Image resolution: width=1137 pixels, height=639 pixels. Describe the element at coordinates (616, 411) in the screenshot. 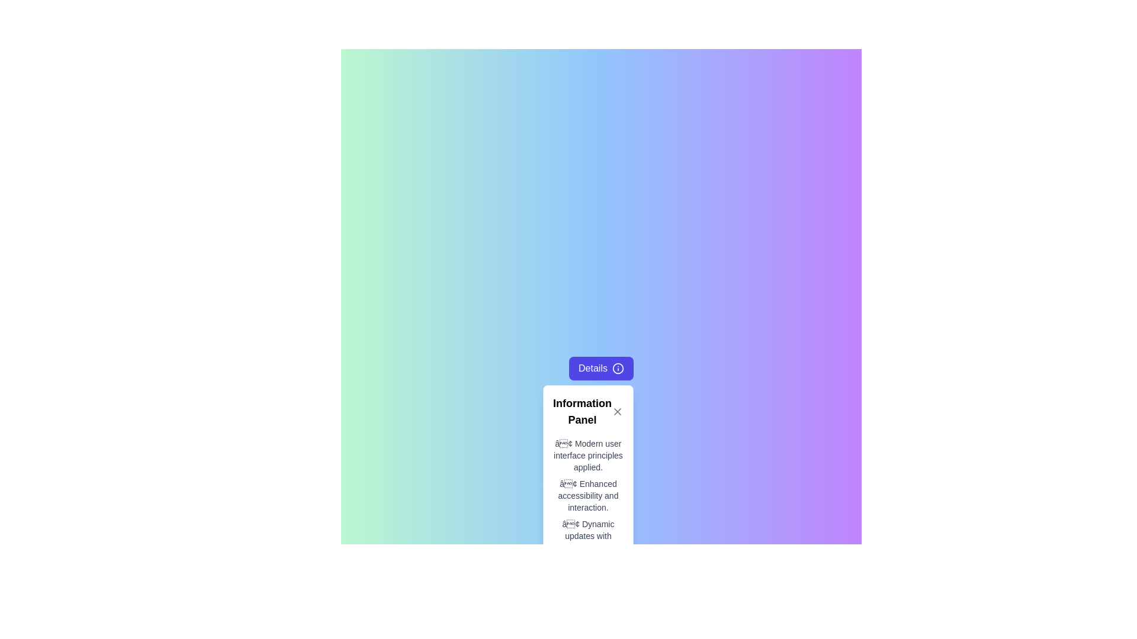

I see `the small gray 'X' button located on the right side of the 'Information Panel' header to activate the hover effect and change its color` at that location.